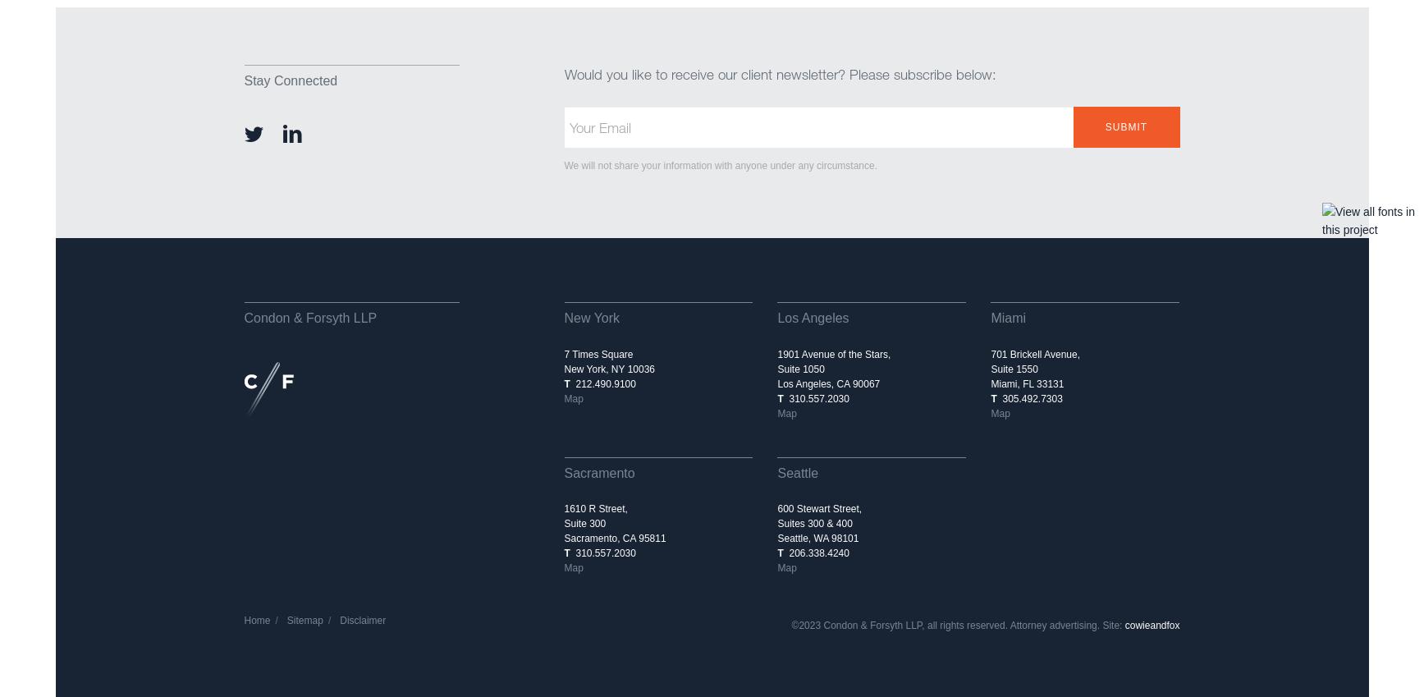 The image size is (1424, 697). I want to click on '7 Times Square', so click(598, 354).